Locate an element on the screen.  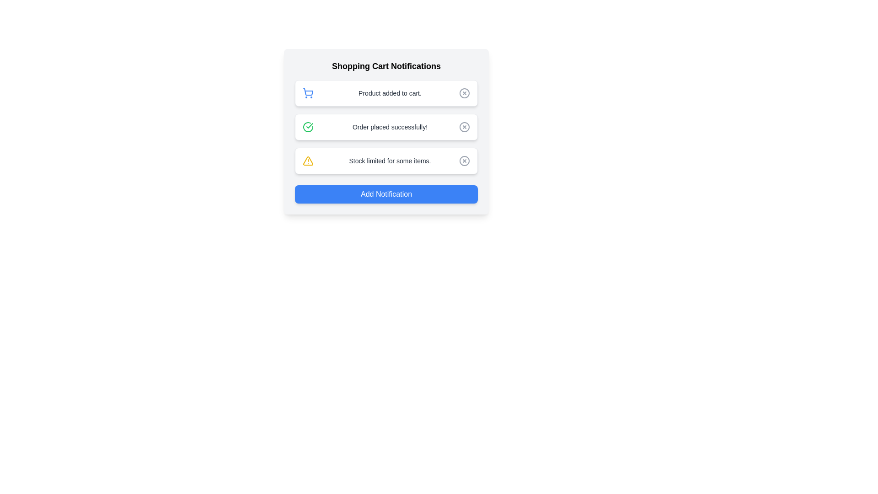
the triangular yellow warning icon located to the left of the text 'Stock limited for some items' in the third notification row is located at coordinates (308, 160).